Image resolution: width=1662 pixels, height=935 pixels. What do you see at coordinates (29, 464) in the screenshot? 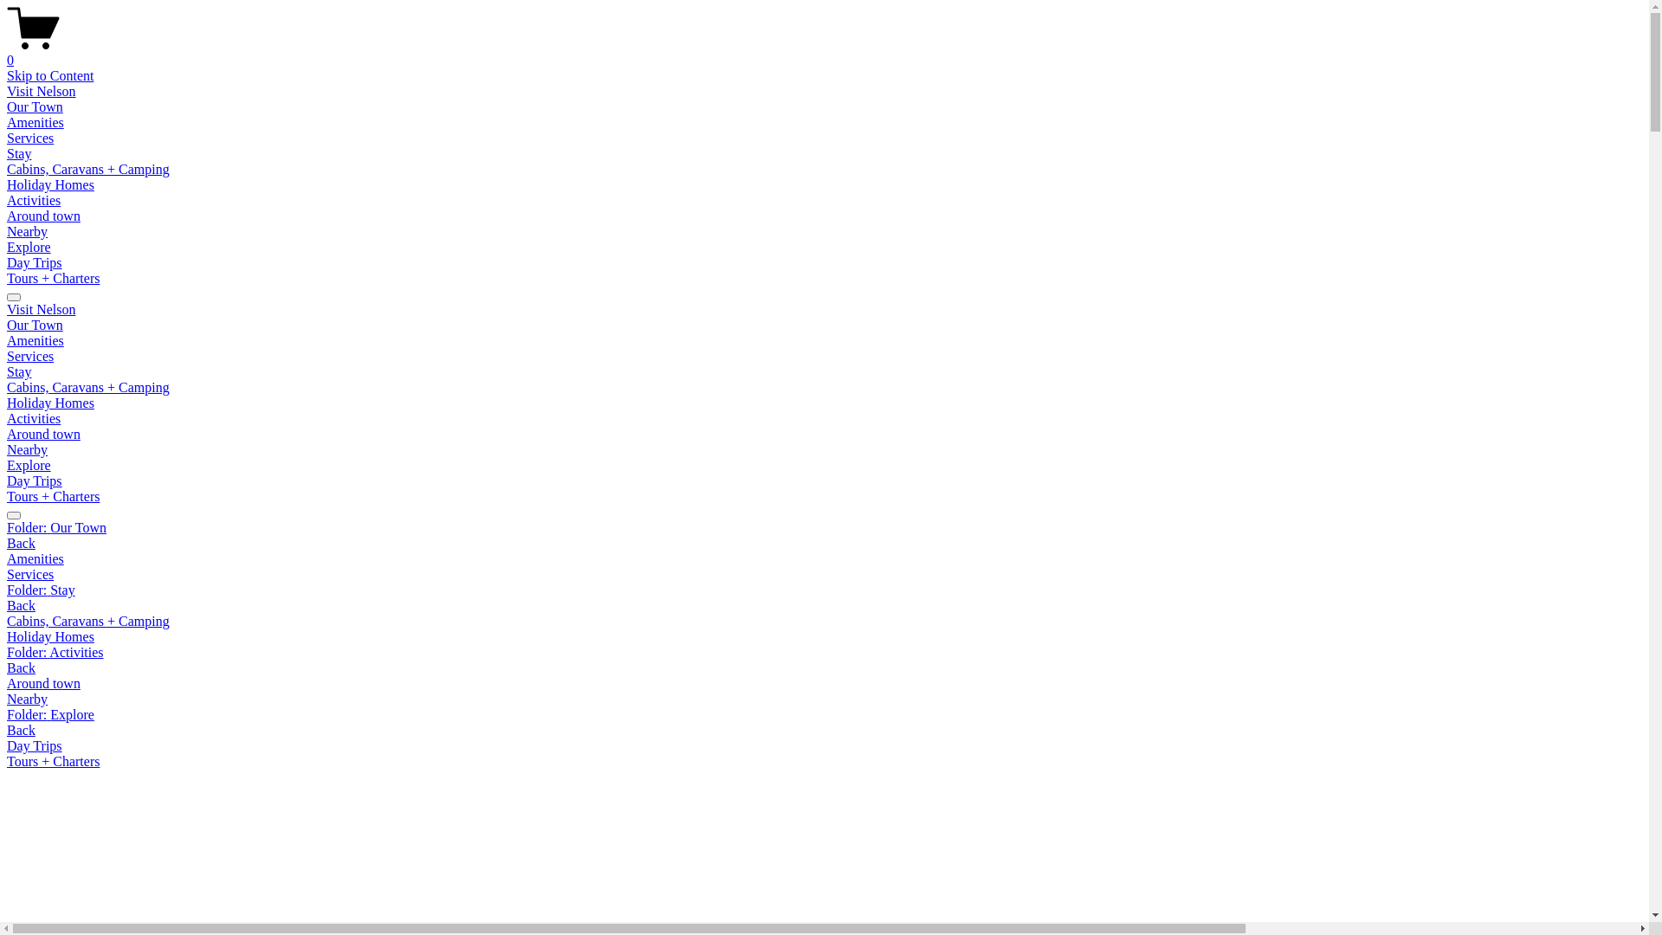
I see `'Explore'` at bounding box center [29, 464].